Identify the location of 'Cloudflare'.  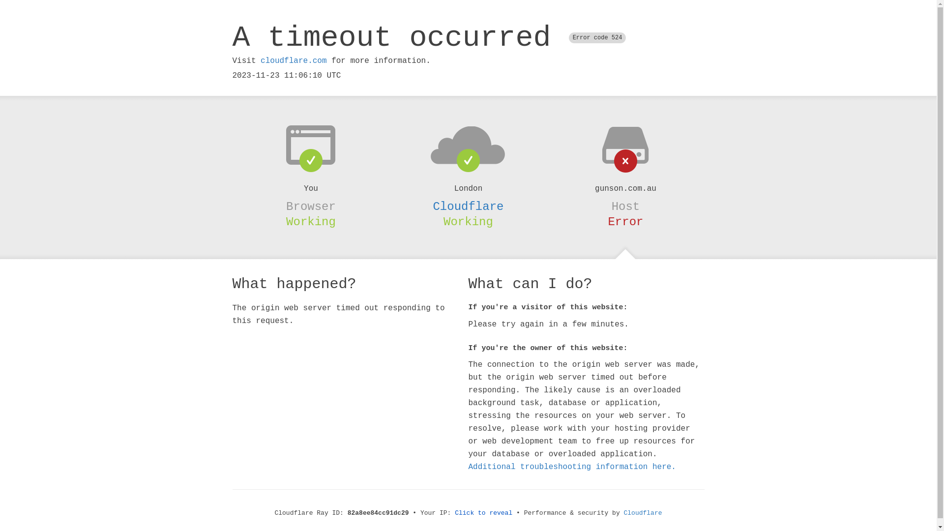
(467, 206).